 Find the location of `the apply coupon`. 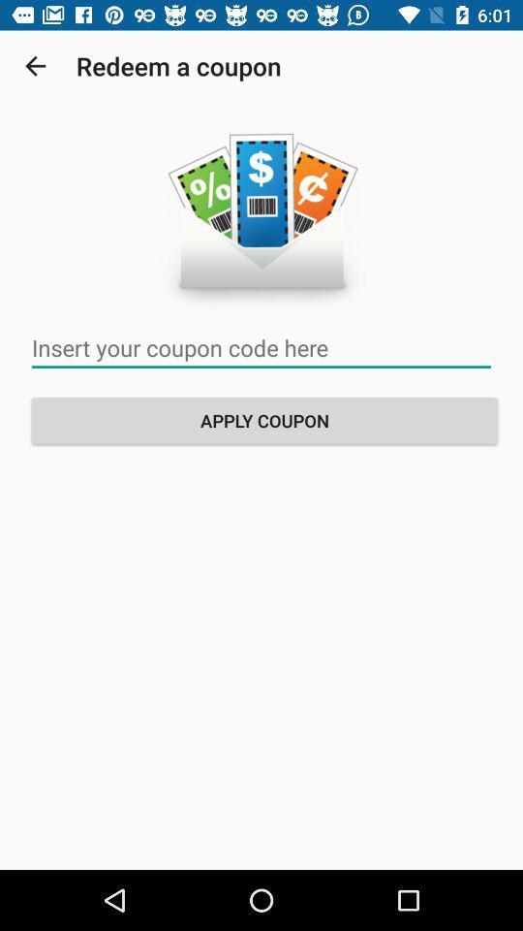

the apply coupon is located at coordinates (263, 420).